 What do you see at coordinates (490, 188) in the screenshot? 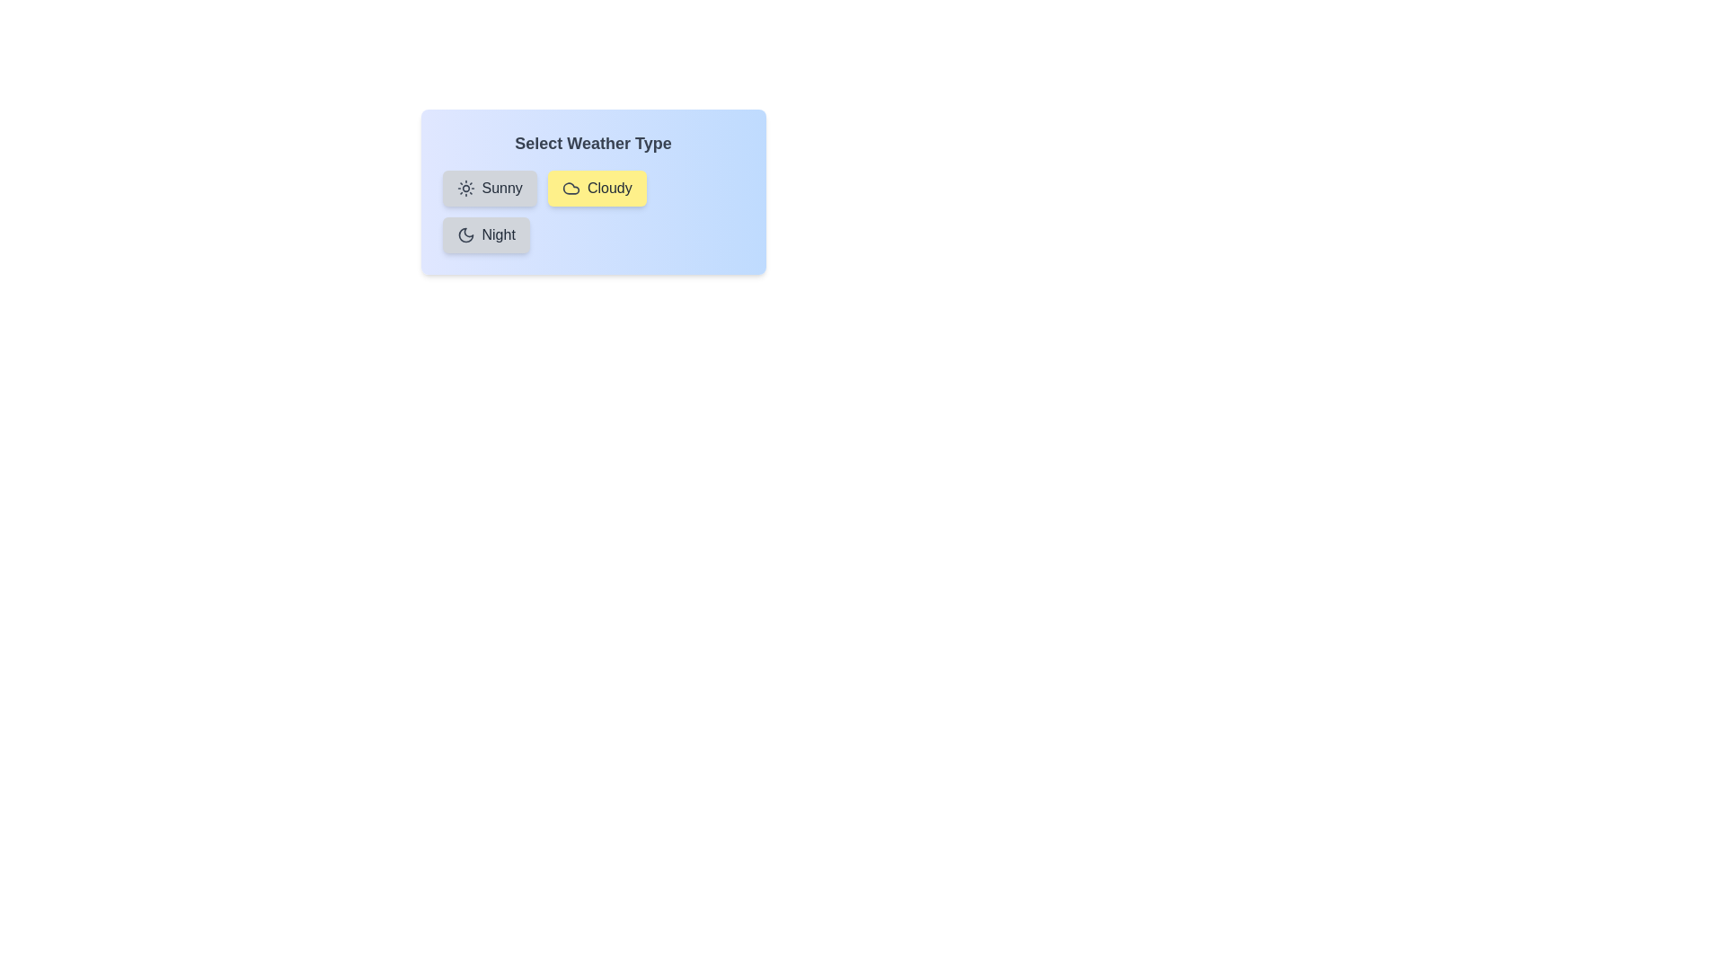
I see `the weather type Sunny by clicking on its chip` at bounding box center [490, 188].